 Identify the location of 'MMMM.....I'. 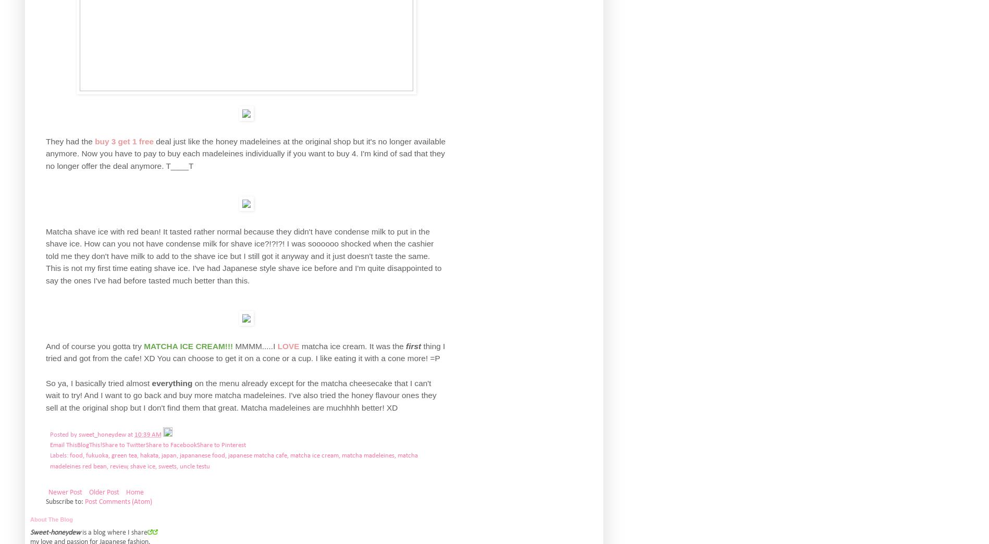
(255, 345).